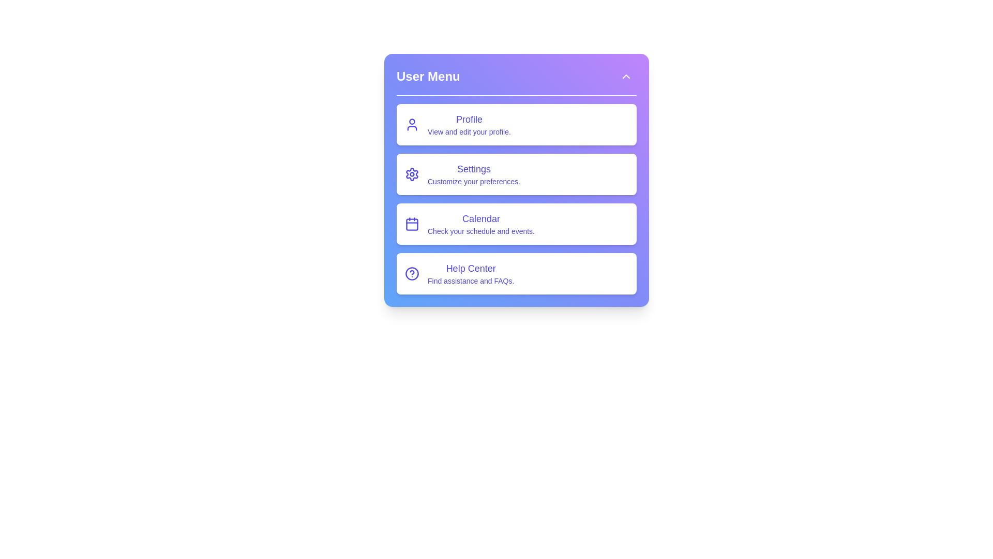 Image resolution: width=993 pixels, height=559 pixels. Describe the element at coordinates (516, 124) in the screenshot. I see `the menu option Profile to navigate or interact with its functionality` at that location.